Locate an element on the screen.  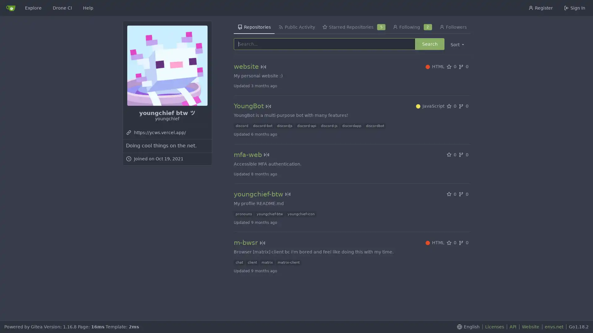
Search is located at coordinates (429, 43).